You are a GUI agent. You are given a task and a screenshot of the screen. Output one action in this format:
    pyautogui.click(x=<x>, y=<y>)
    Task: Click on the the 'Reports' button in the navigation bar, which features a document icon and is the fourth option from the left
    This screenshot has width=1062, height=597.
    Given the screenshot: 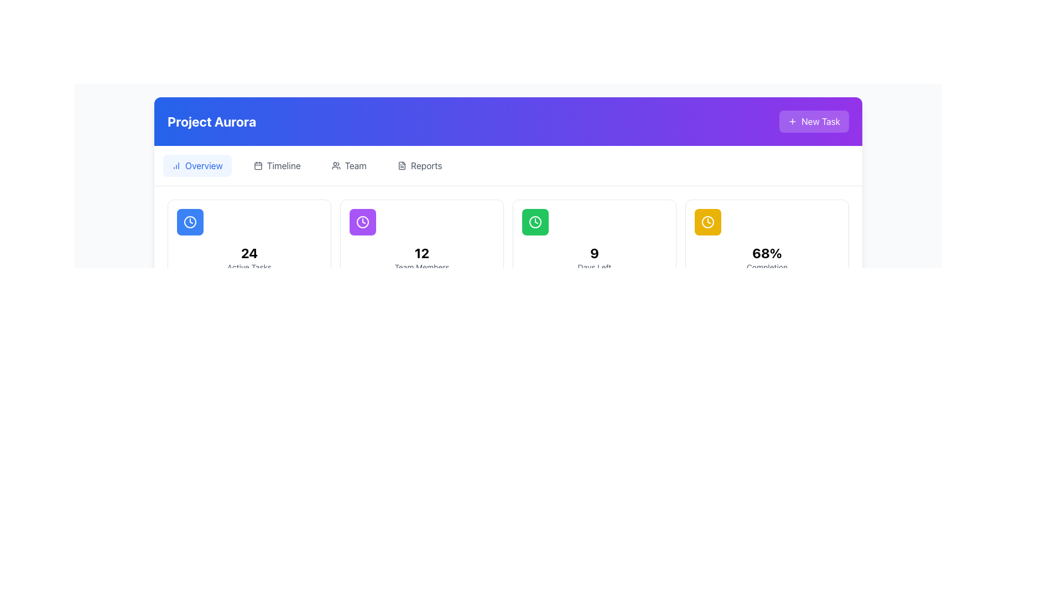 What is the action you would take?
    pyautogui.click(x=419, y=166)
    